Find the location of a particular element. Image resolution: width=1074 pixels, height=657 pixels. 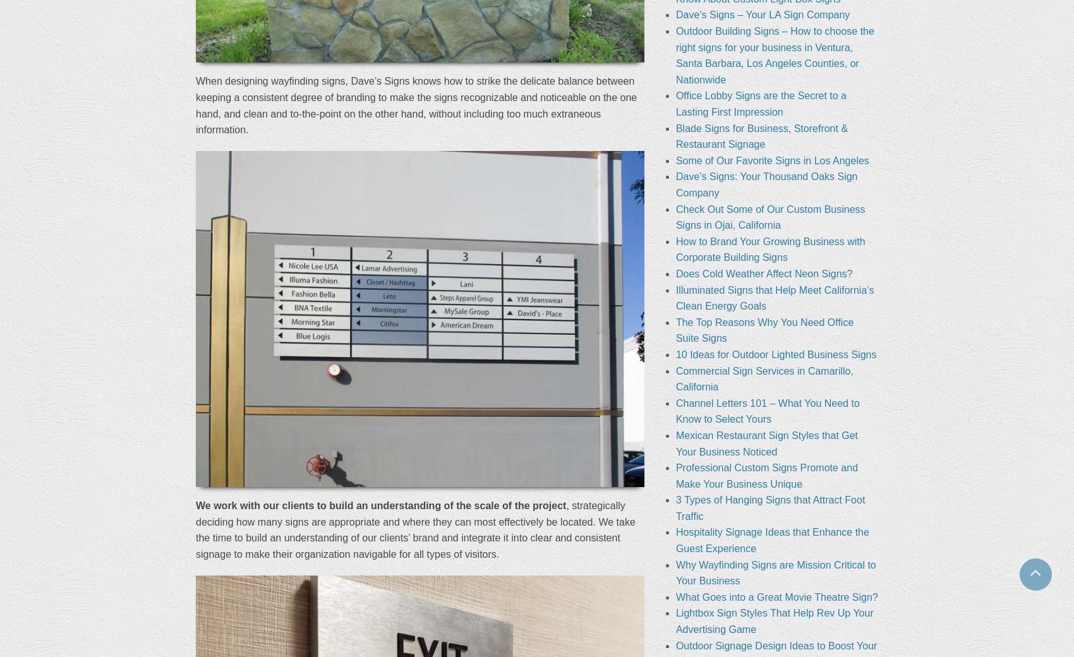

'Dave’s Signs – Your LA Sign Company' is located at coordinates (762, 14).